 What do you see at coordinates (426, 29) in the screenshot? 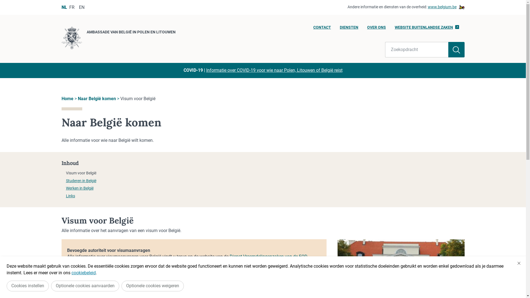
I see `'WEBSITE BUITENLANDSE ZAKEN'` at bounding box center [426, 29].